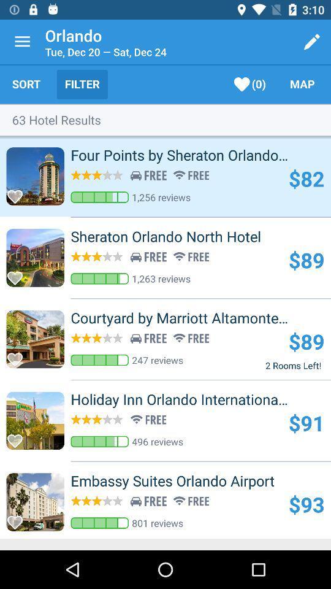 This screenshot has height=589, width=331. What do you see at coordinates (306, 423) in the screenshot?
I see `the icon next to the 496 reviews` at bounding box center [306, 423].